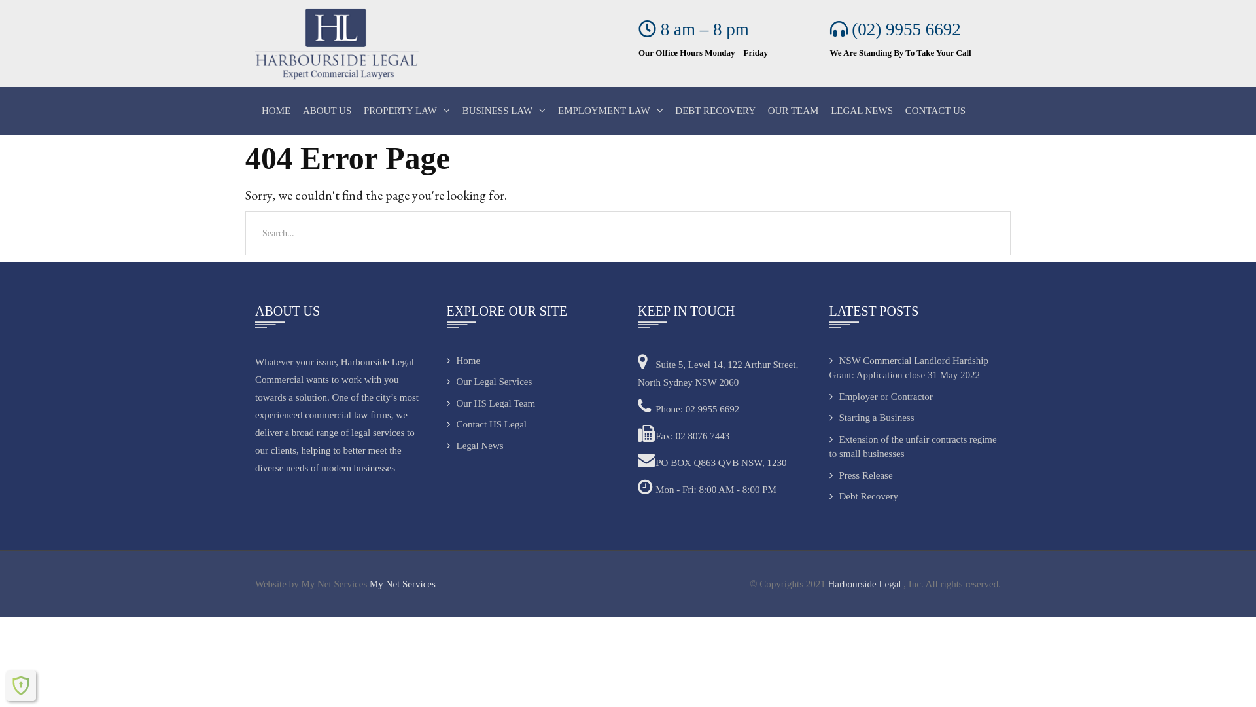 This screenshot has height=707, width=1256. What do you see at coordinates (402, 583) in the screenshot?
I see `'My Net Services'` at bounding box center [402, 583].